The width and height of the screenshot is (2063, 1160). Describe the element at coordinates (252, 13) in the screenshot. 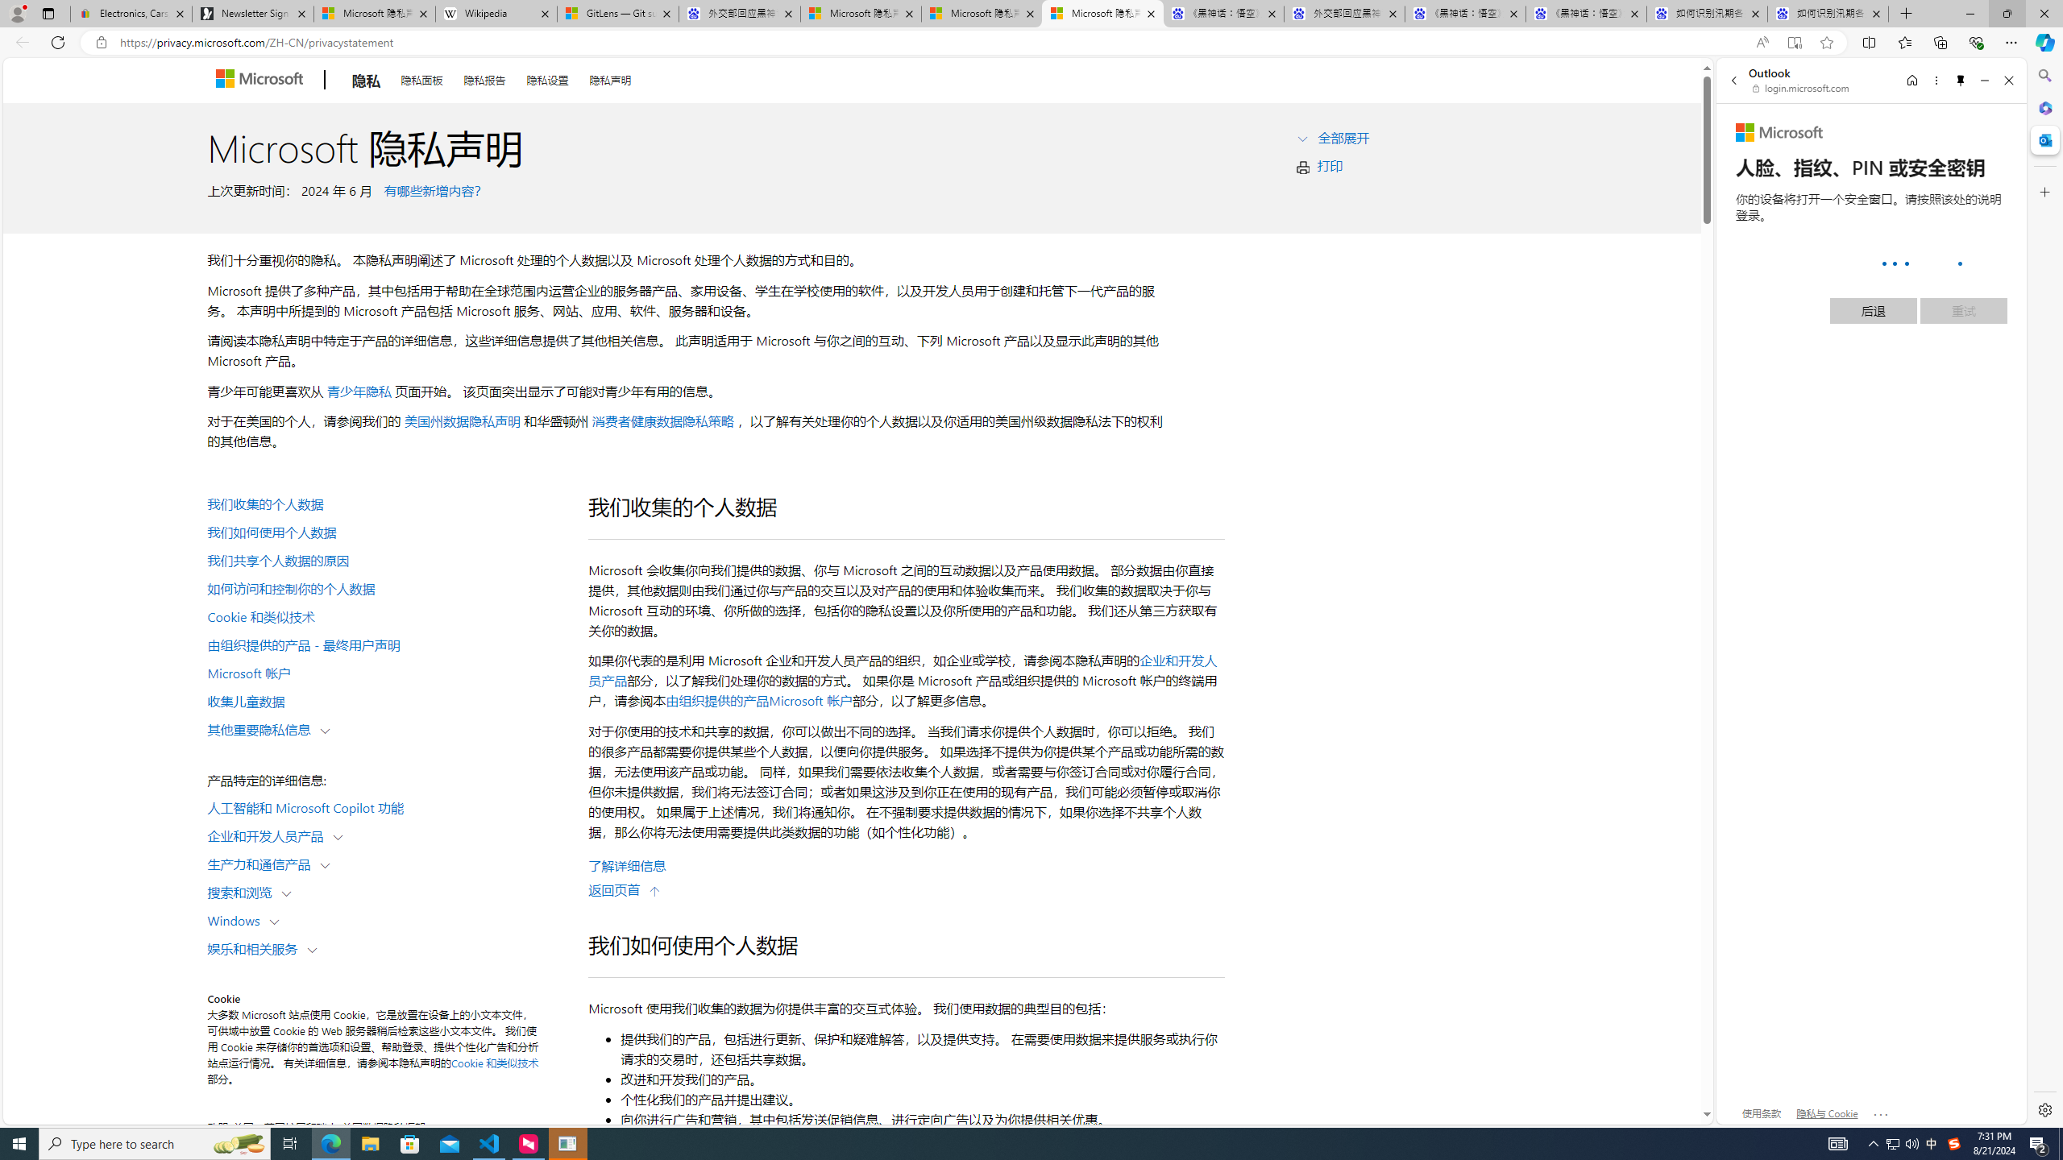

I see `'Newsletter Sign Up'` at that location.